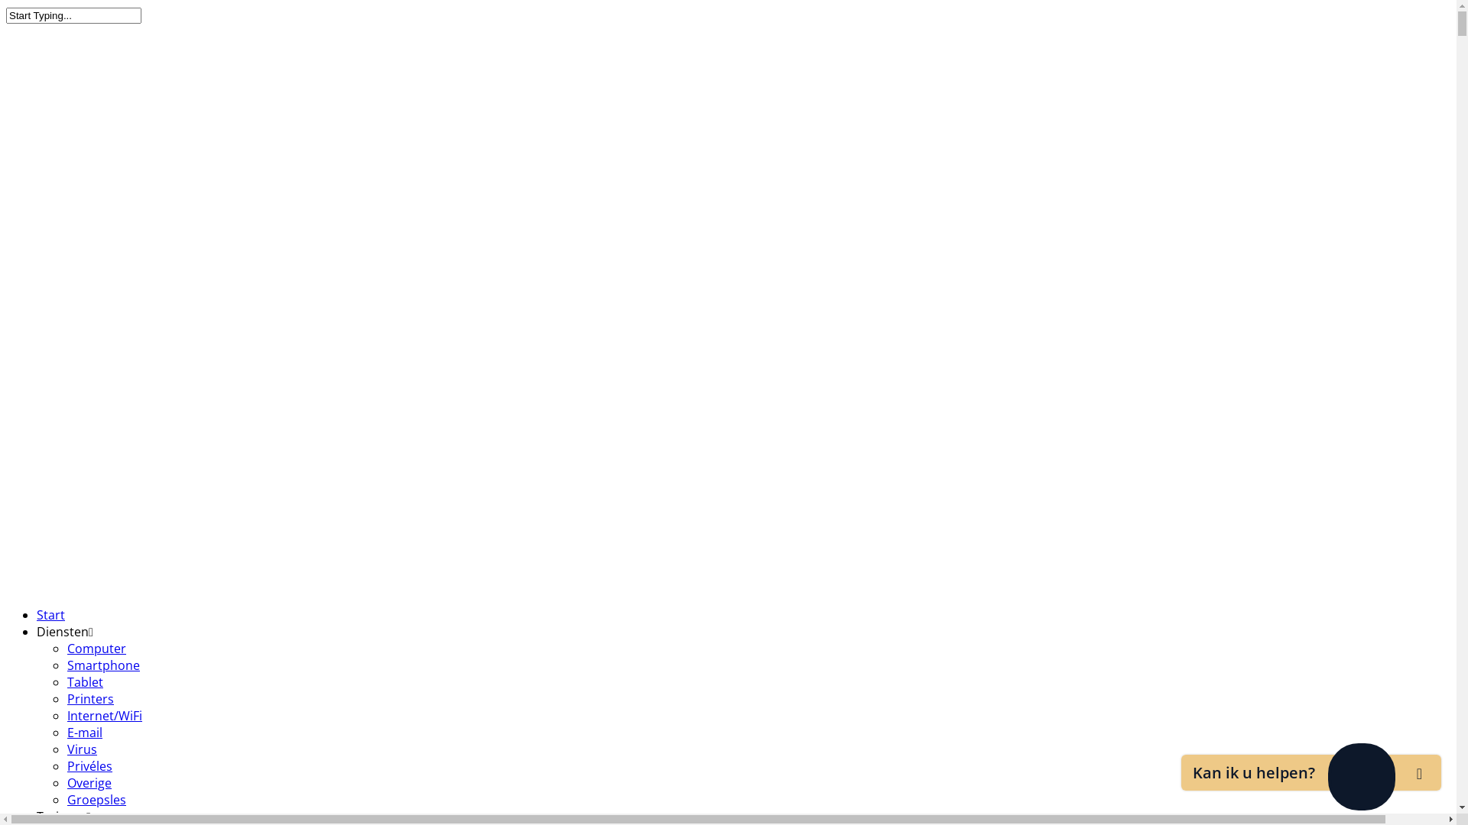 Image resolution: width=1468 pixels, height=825 pixels. I want to click on 'Internet/WiFi', so click(104, 716).